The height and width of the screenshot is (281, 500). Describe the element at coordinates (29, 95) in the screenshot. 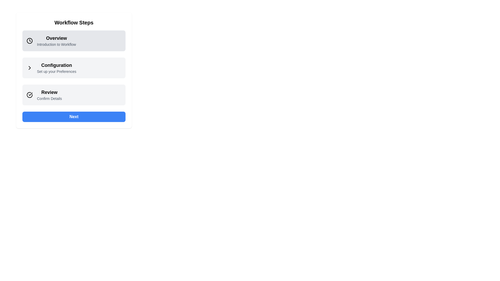

I see `the completion icon located next to the 'Review' text in the third entry of the 'Workflow Steps' list` at that location.